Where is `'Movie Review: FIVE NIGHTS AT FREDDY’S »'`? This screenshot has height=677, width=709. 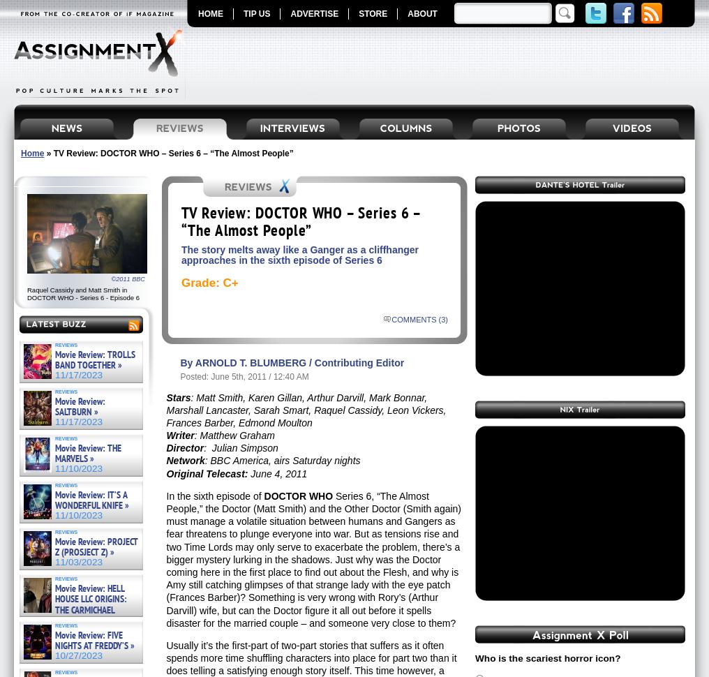
'Movie Review: FIVE NIGHTS AT FREDDY’S »' is located at coordinates (94, 640).